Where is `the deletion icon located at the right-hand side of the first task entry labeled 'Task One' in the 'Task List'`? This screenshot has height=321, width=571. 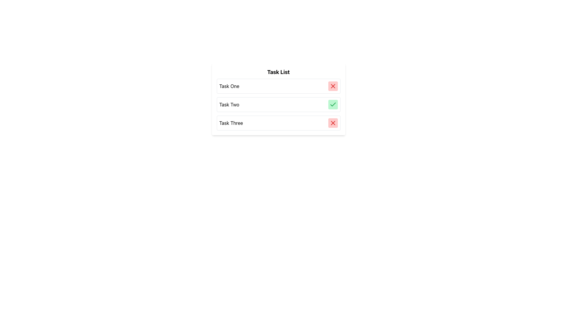 the deletion icon located at the right-hand side of the first task entry labeled 'Task One' in the 'Task List' is located at coordinates (332, 86).